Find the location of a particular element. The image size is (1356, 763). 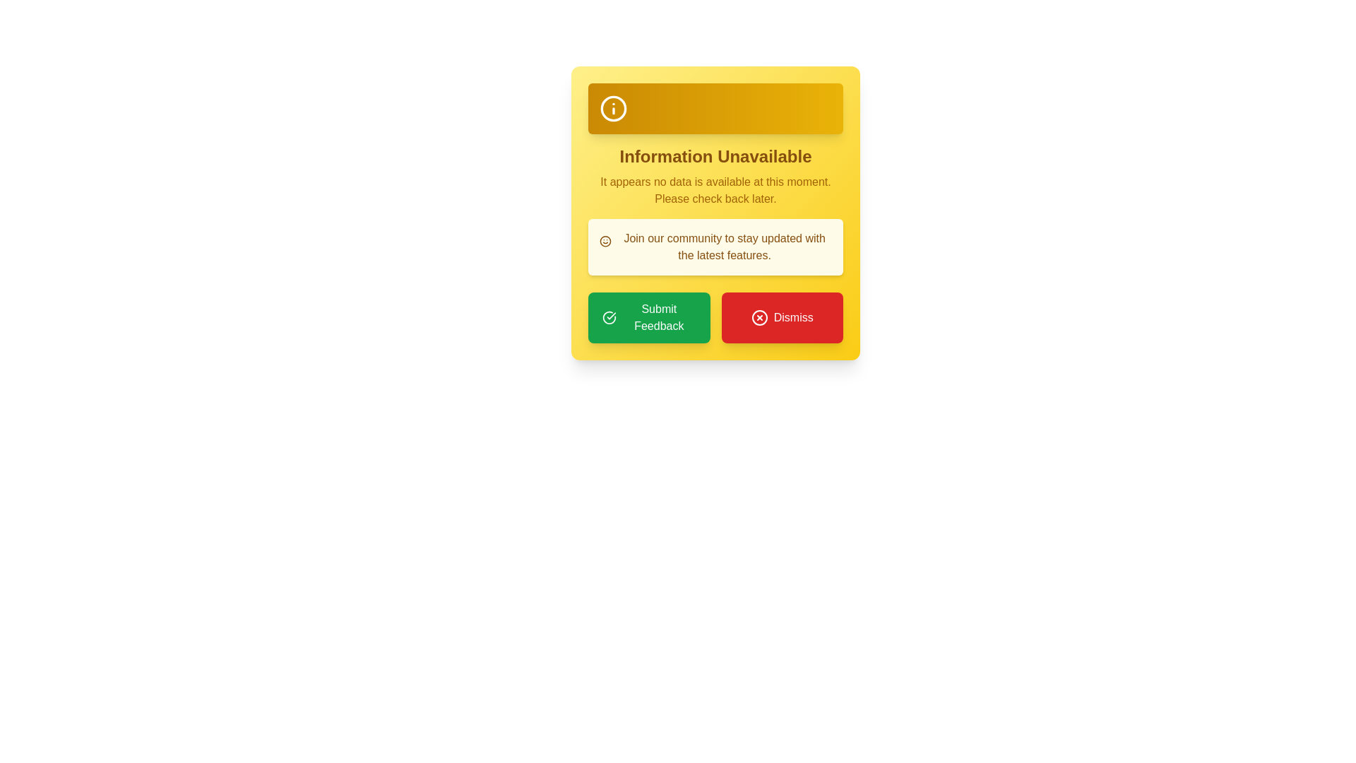

the text that says 'It appears no data is available at this moment. Please check back later.' which is styled with a yellow color tone and centered within a rounded yellow box below the header 'Information Unavailable' is located at coordinates (715, 191).